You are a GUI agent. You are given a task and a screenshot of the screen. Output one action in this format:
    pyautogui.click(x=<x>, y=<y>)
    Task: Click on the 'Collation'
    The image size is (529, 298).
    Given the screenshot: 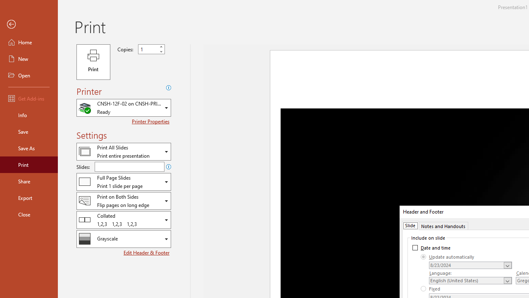 What is the action you would take?
    pyautogui.click(x=123, y=219)
    